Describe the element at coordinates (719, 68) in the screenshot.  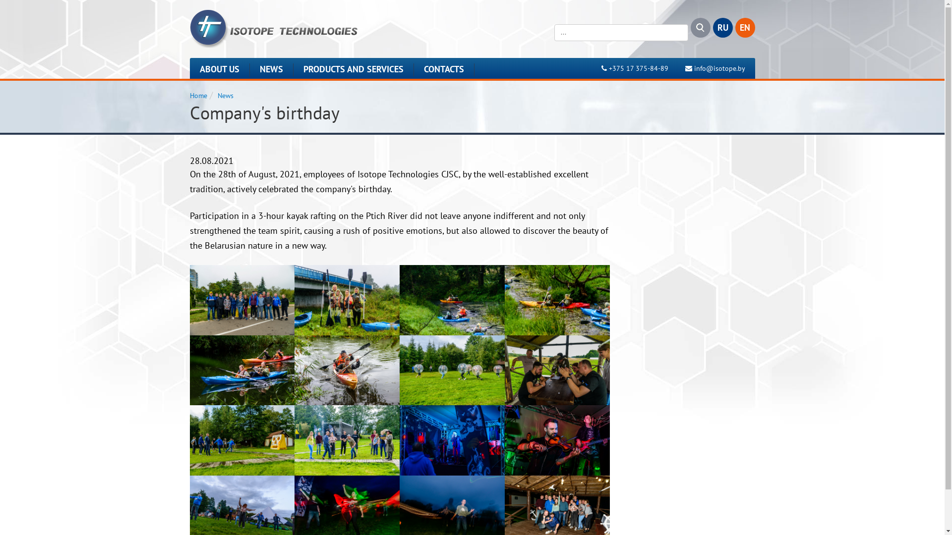
I see `'info@isotope.by'` at that location.